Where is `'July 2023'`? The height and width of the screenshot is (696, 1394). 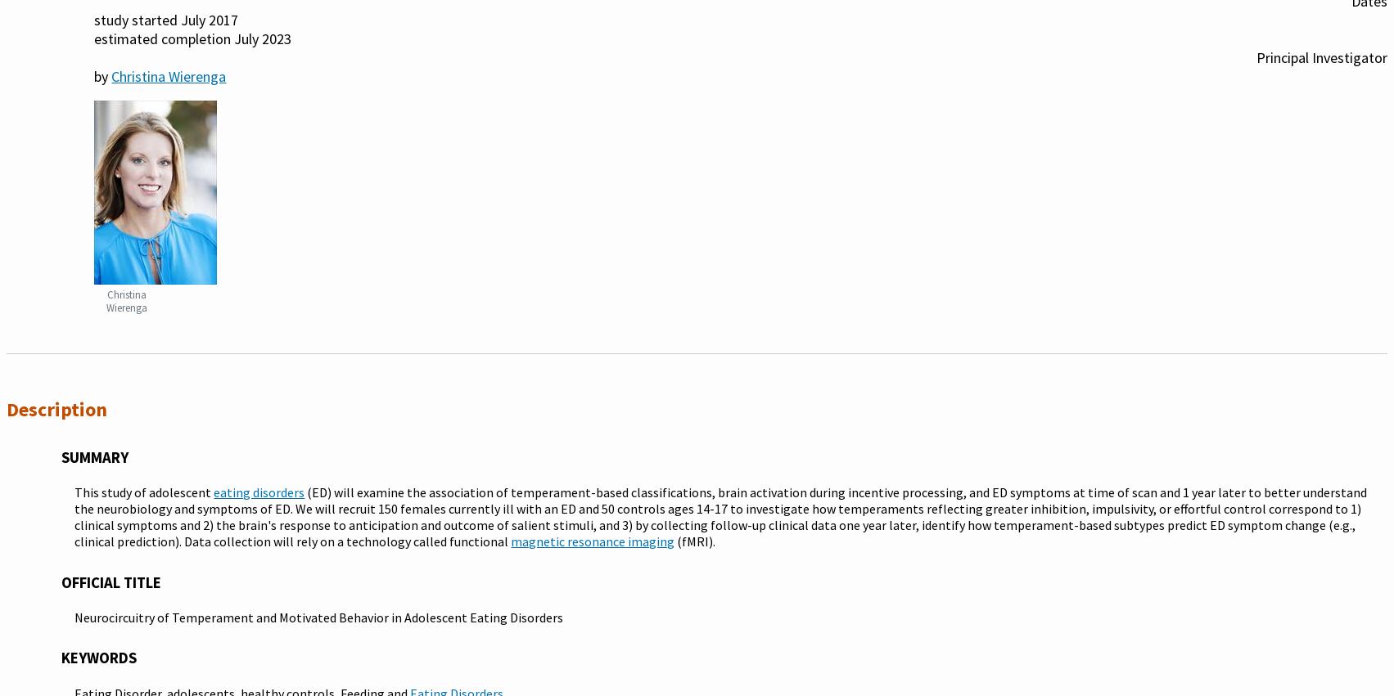 'July 2023' is located at coordinates (262, 38).